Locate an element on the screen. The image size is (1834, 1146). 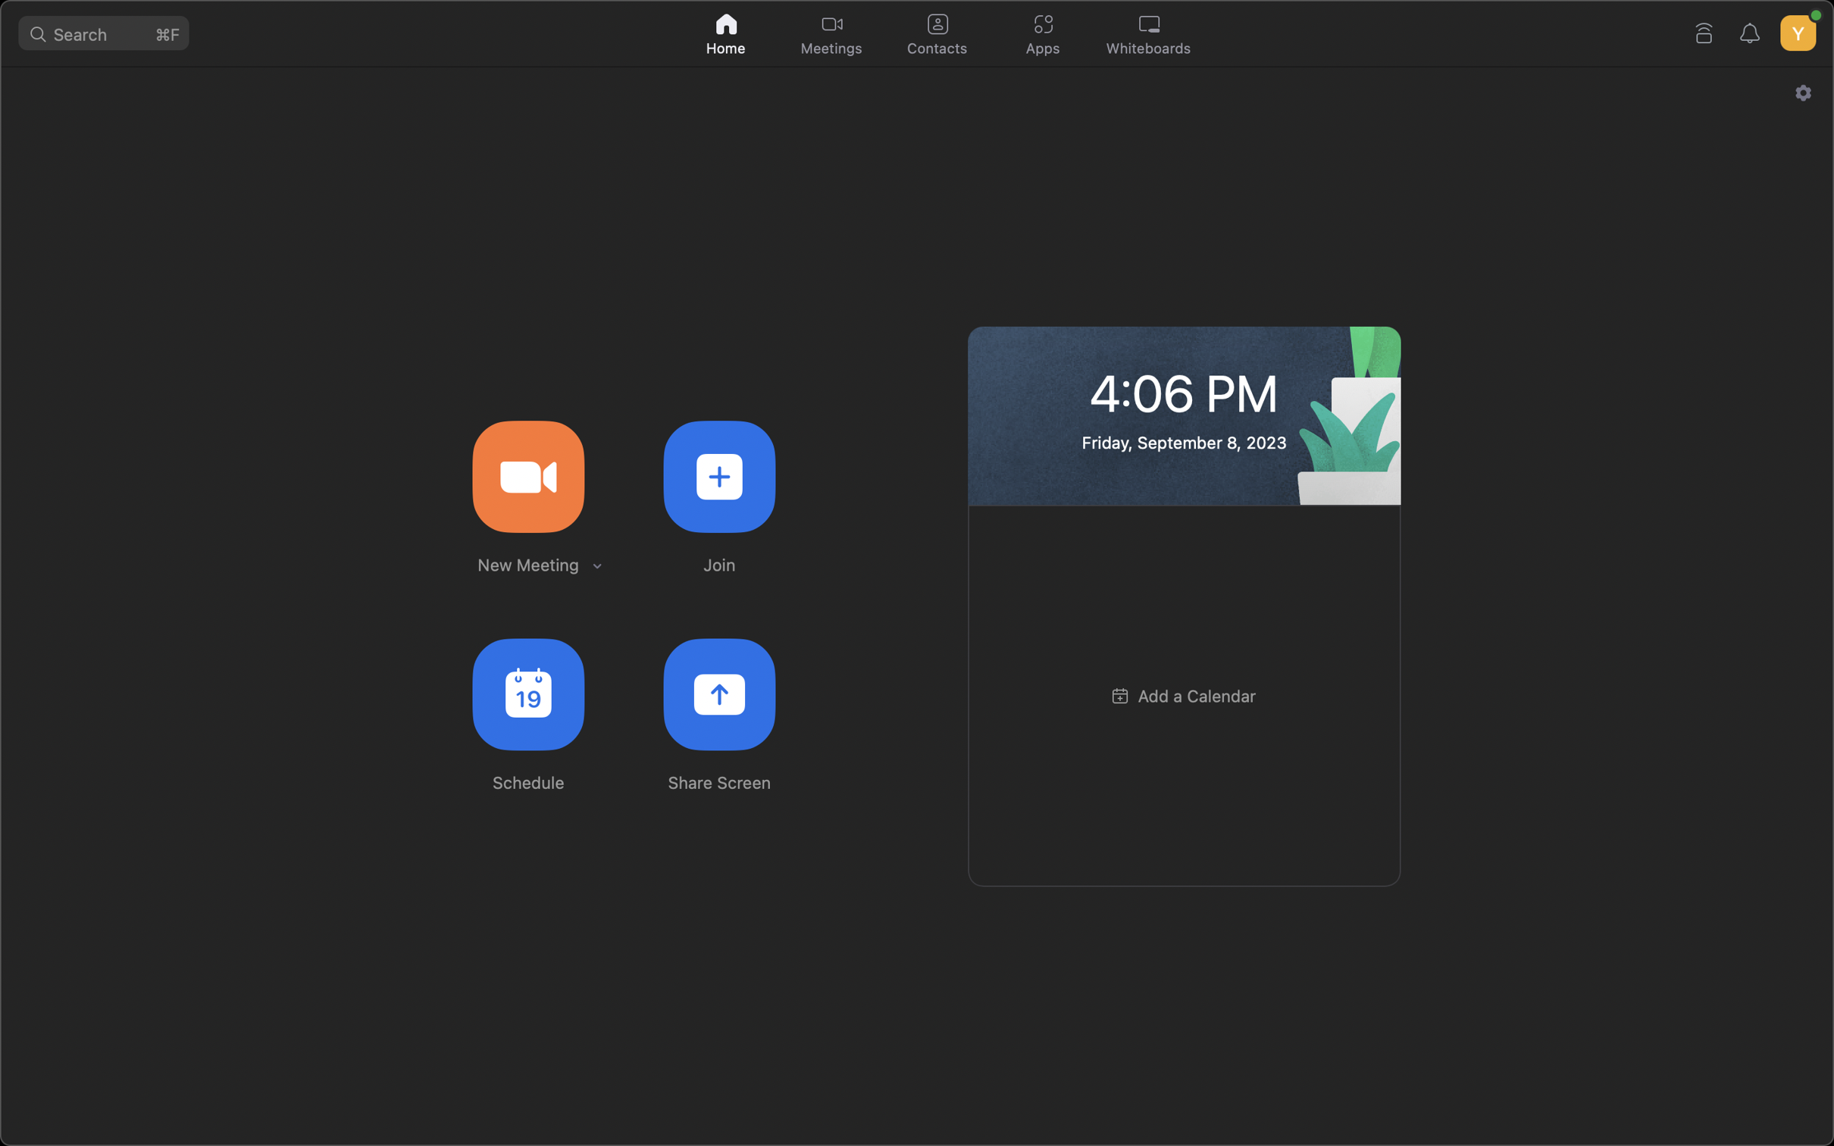
the "home" option to revert to the main page is located at coordinates (727, 31).